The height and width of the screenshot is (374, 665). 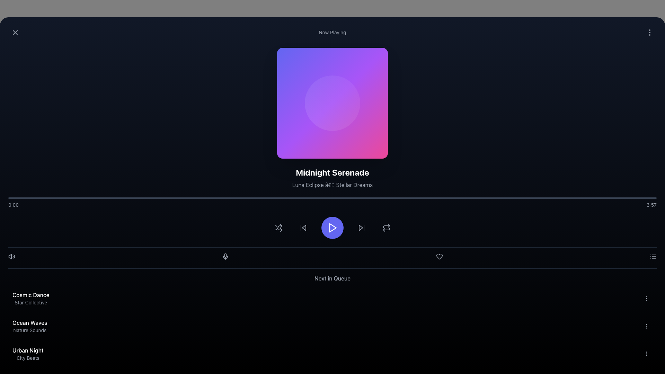 I want to click on the skip-forward button, which resembles a triangular play button pointing to the right and is gray in color, located in the audio control bar under the track's title, so click(x=361, y=228).